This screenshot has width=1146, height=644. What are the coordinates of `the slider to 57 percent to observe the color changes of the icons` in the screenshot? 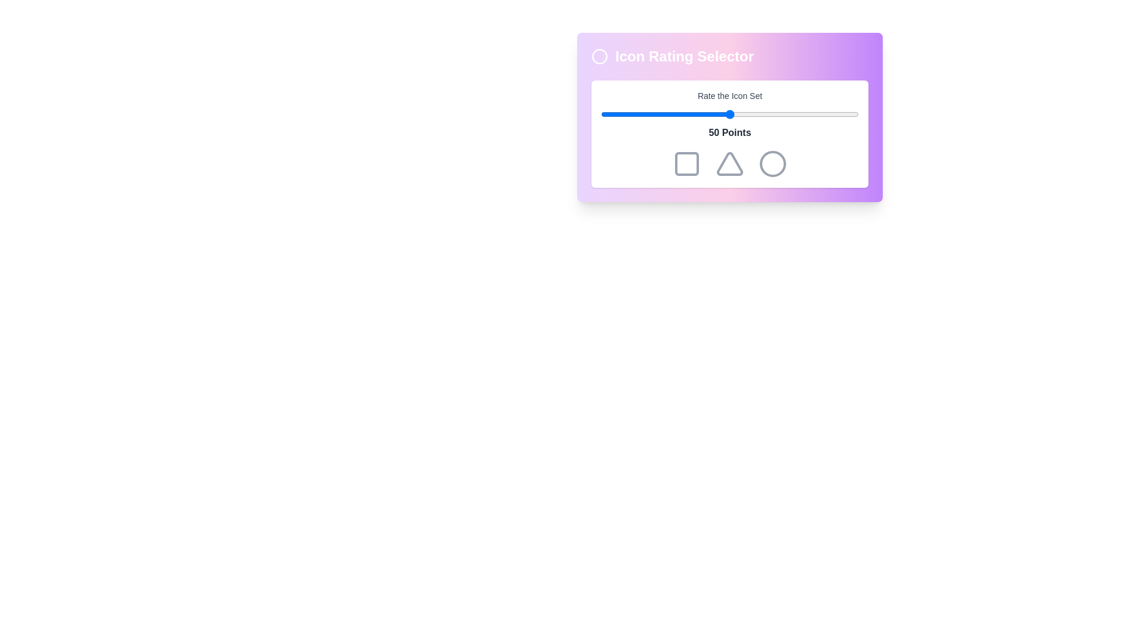 It's located at (747, 114).